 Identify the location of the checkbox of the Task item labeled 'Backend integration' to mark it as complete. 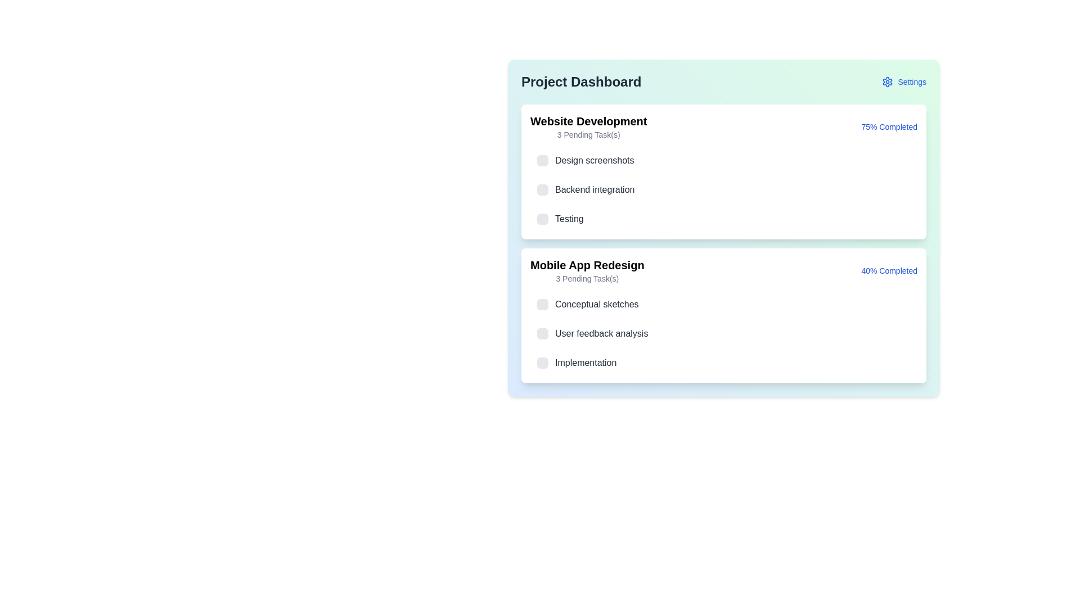
(723, 189).